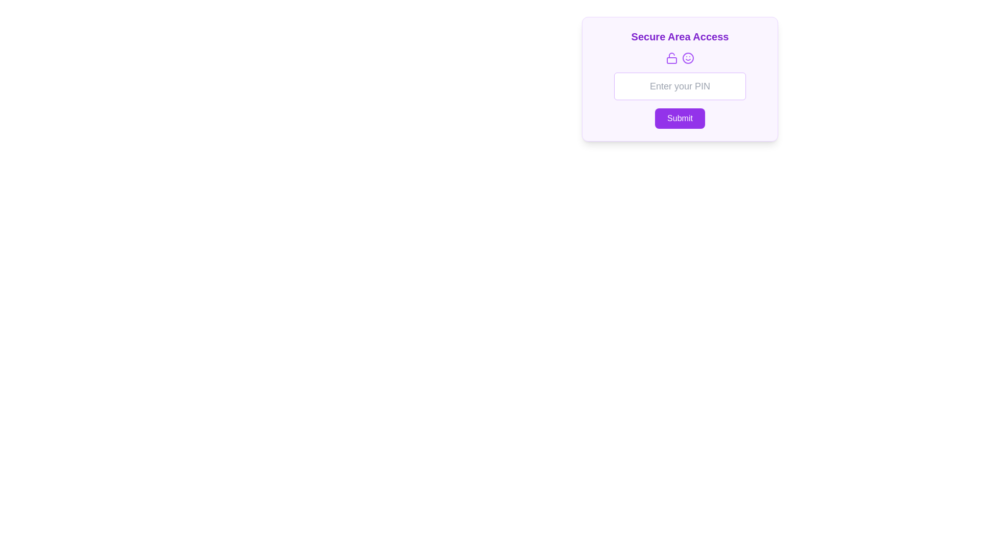  What do you see at coordinates (672, 60) in the screenshot?
I see `the body of the lock icon, which is part of an SVG graphical element representing a secured state in the UI` at bounding box center [672, 60].